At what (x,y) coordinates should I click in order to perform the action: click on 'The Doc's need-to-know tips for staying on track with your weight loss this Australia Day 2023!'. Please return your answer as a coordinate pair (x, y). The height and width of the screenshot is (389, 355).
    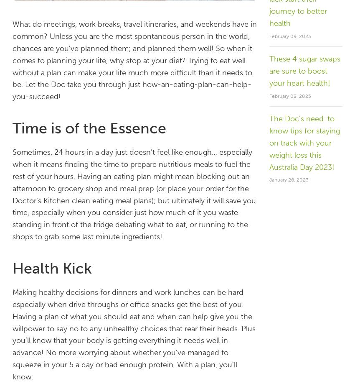
    Looking at the image, I should click on (304, 142).